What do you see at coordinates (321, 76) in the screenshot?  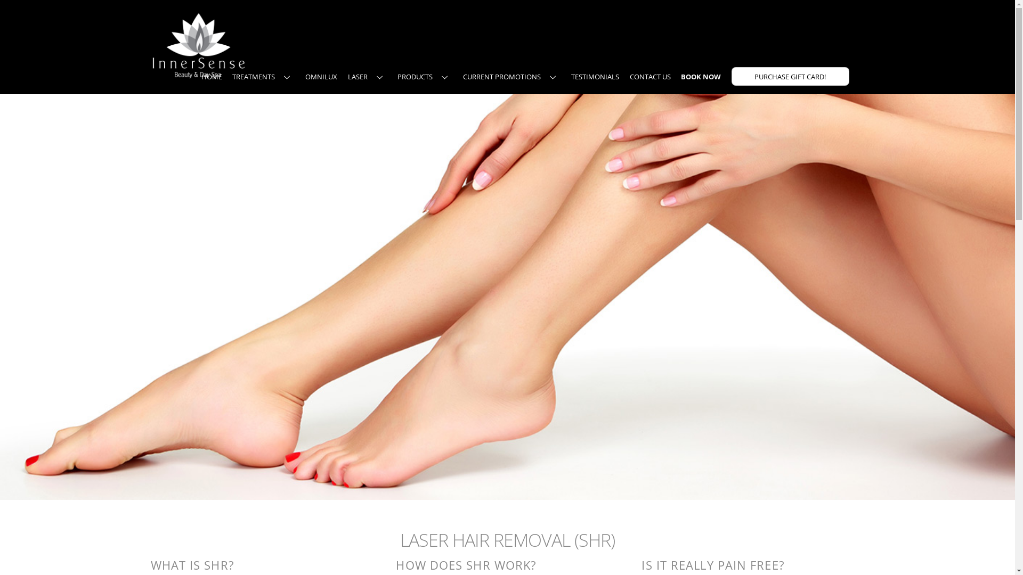 I see `'OMNILUX'` at bounding box center [321, 76].